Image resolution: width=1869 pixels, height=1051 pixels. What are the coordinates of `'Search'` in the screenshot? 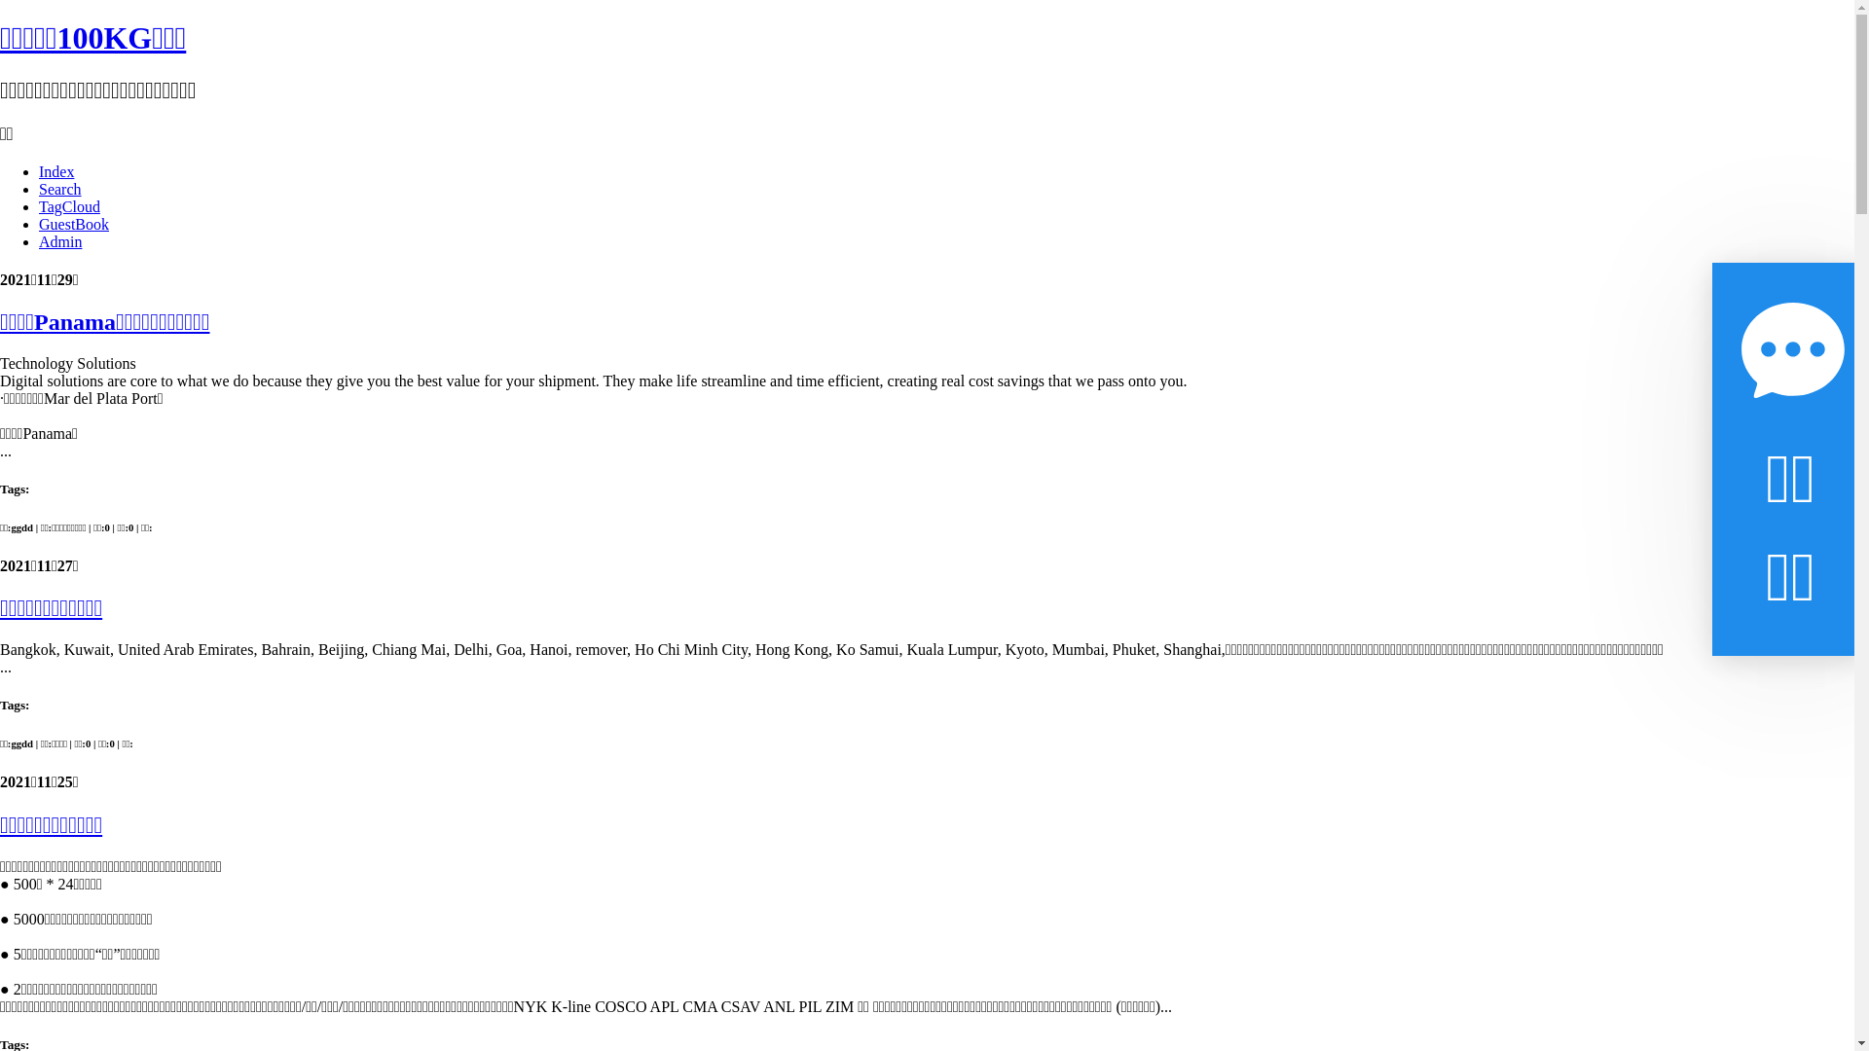 It's located at (38, 189).